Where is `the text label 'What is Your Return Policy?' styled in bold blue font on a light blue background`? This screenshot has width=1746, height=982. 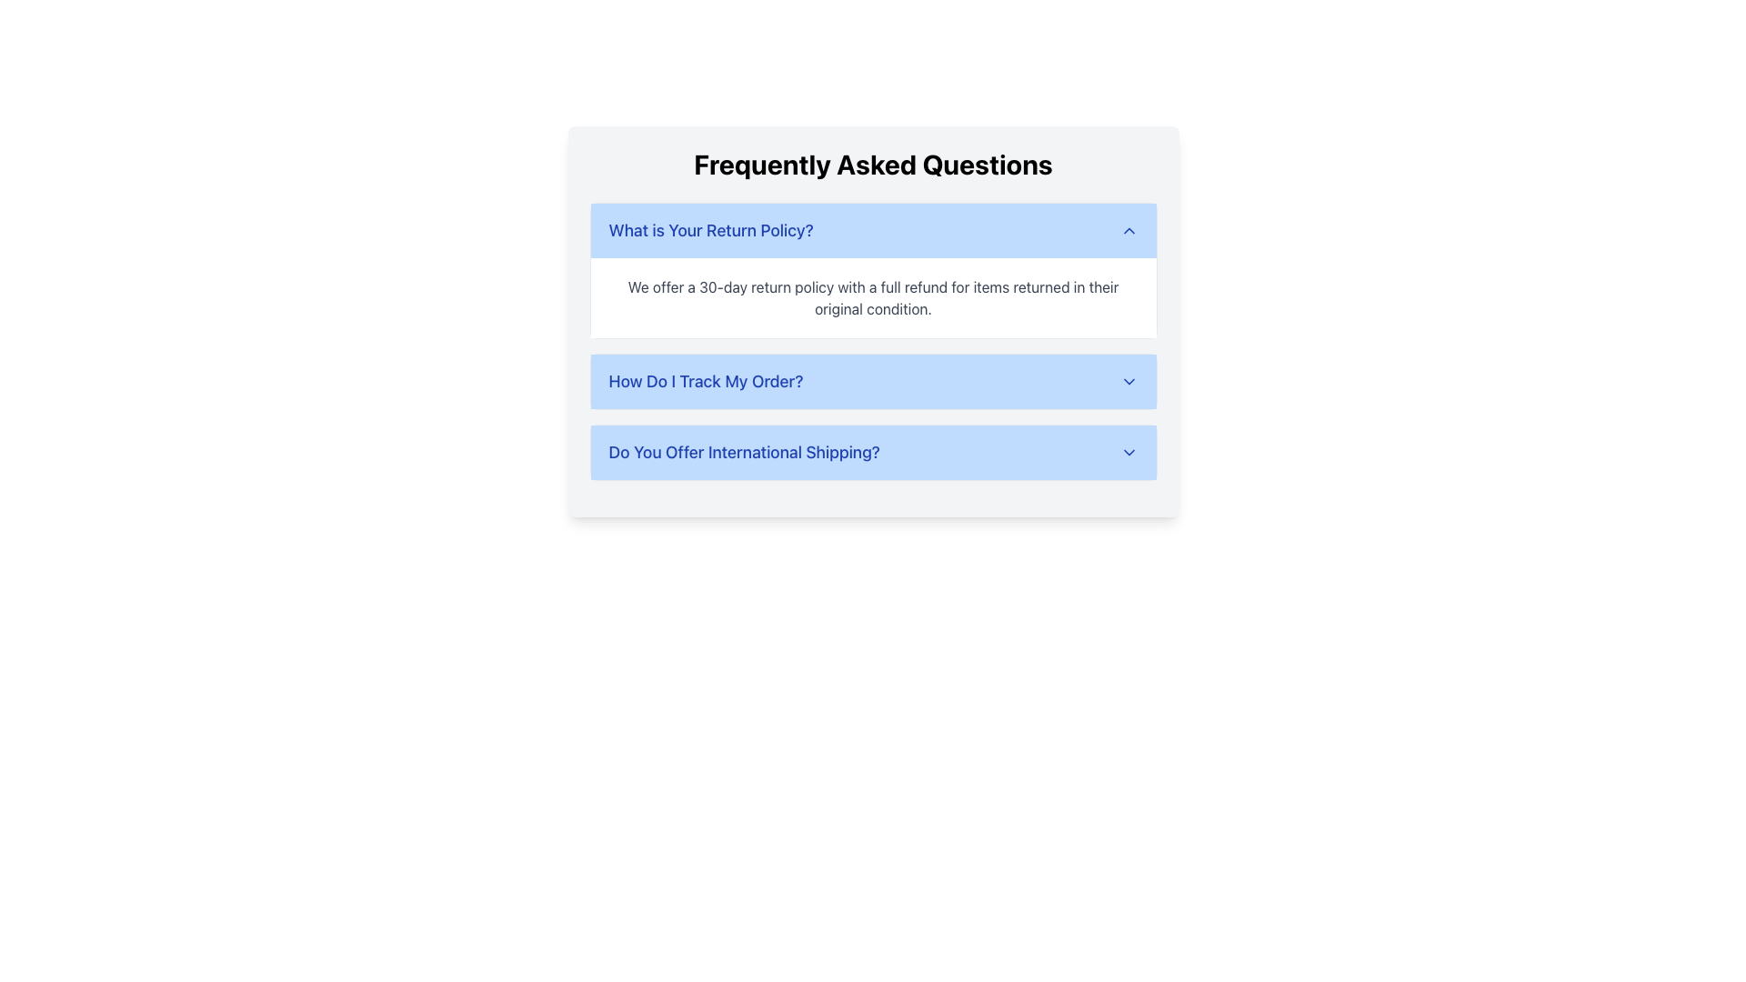 the text label 'What is Your Return Policy?' styled in bold blue font on a light blue background is located at coordinates (710, 230).